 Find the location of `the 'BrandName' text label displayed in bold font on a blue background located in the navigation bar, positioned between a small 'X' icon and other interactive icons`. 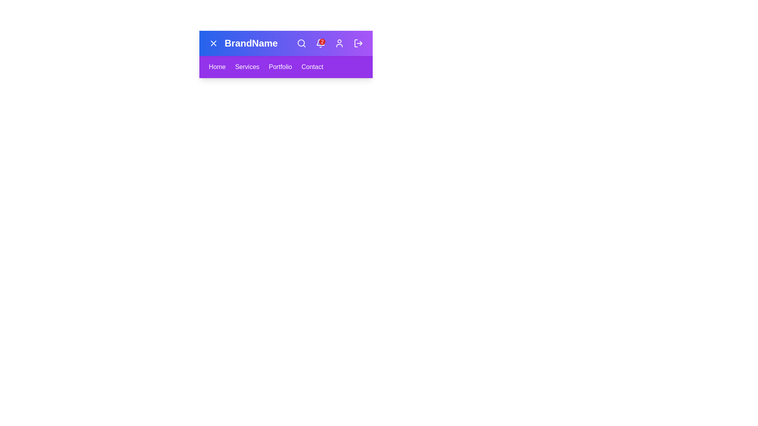

the 'BrandName' text label displayed in bold font on a blue background located in the navigation bar, positioned between a small 'X' icon and other interactive icons is located at coordinates (243, 43).